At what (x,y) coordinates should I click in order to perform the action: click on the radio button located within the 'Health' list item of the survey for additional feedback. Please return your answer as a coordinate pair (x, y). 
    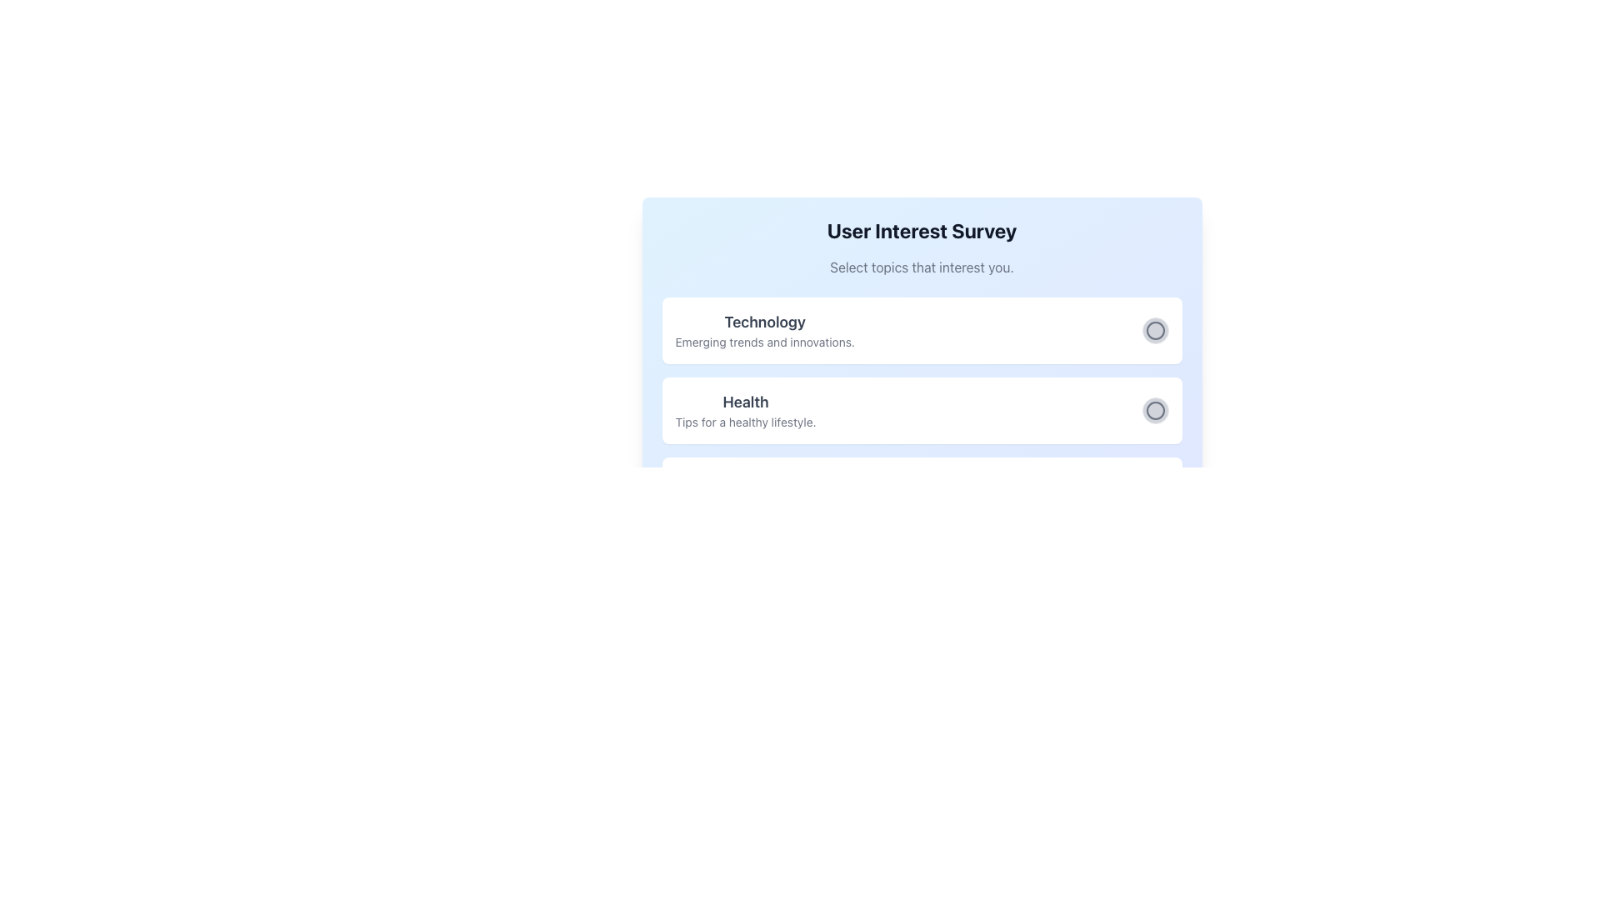
    Looking at the image, I should click on (1154, 411).